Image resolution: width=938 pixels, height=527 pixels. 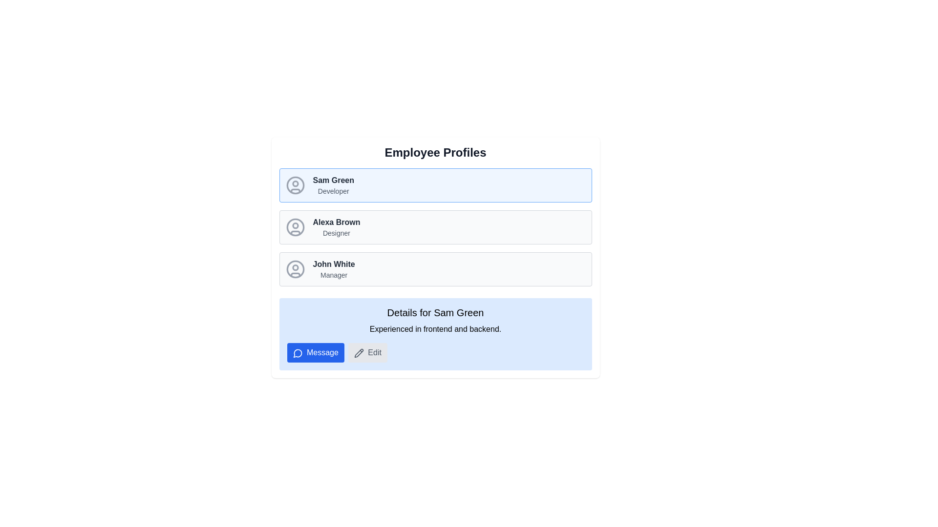 I want to click on the 'Manager' text label located below the name 'John White' in the profile card, so click(x=334, y=275).